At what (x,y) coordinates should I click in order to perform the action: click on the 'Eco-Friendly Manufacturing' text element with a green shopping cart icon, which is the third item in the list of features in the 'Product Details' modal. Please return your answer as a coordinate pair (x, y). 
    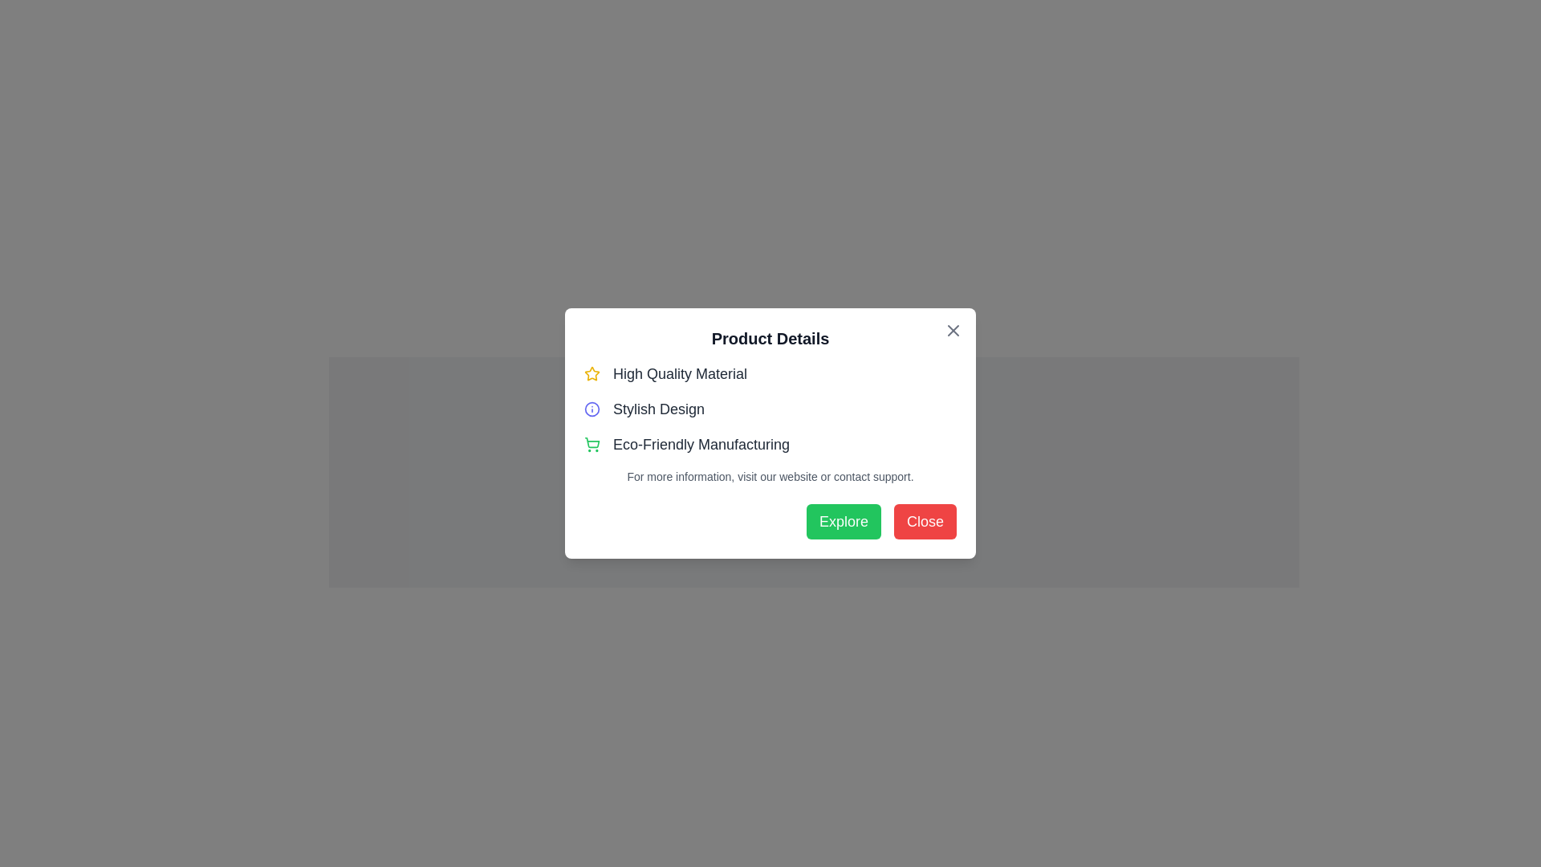
    Looking at the image, I should click on (770, 445).